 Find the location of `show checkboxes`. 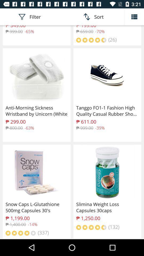

show checkboxes is located at coordinates (134, 17).